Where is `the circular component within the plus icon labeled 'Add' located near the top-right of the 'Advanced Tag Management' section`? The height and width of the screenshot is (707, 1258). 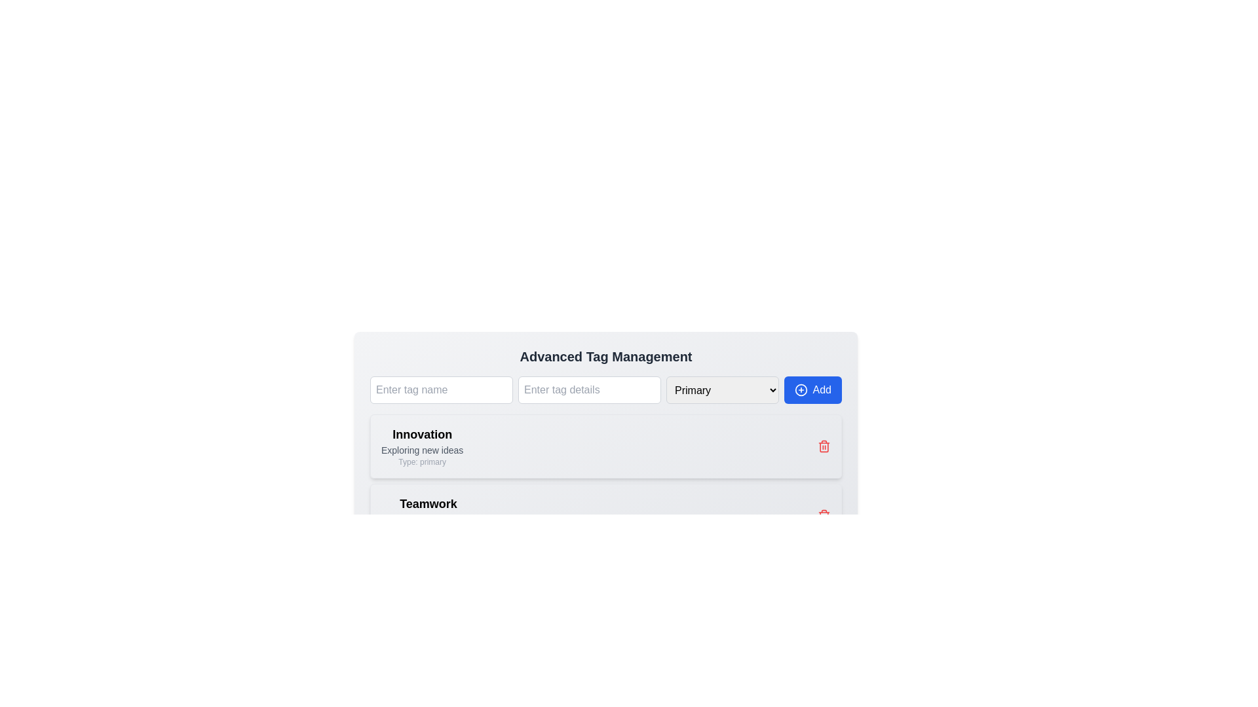
the circular component within the plus icon labeled 'Add' located near the top-right of the 'Advanced Tag Management' section is located at coordinates (800, 390).